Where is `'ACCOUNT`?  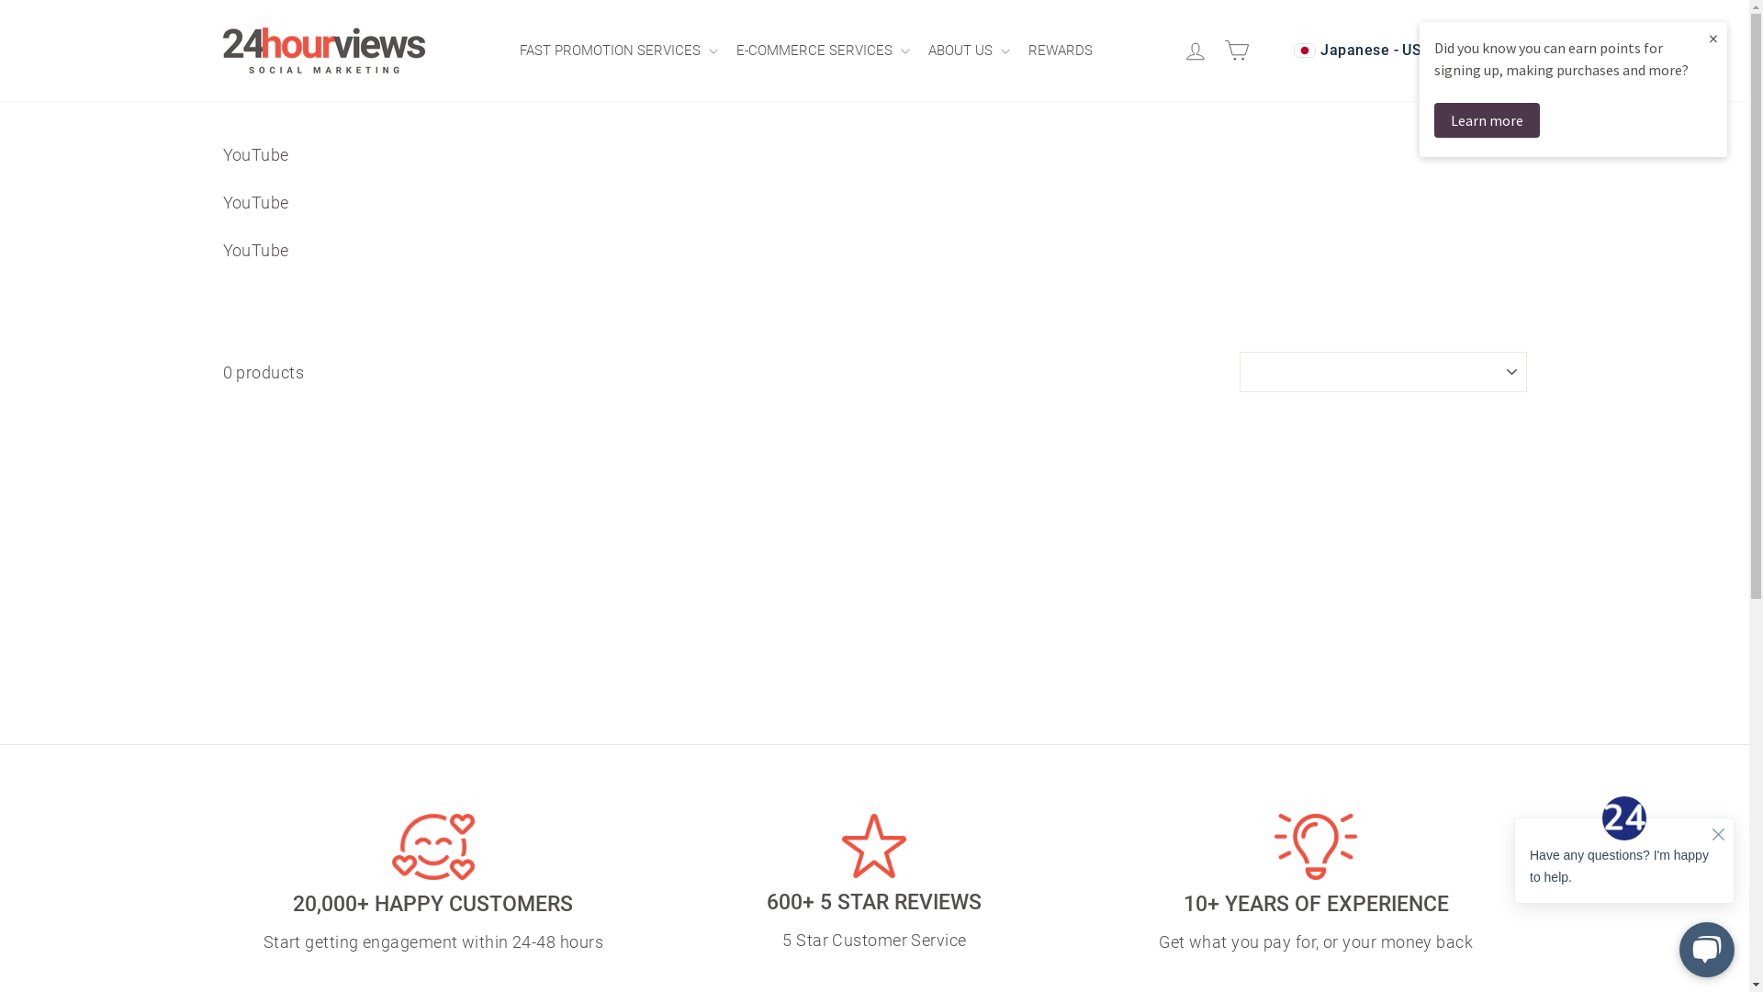 'ACCOUNT is located at coordinates (1177, 50).